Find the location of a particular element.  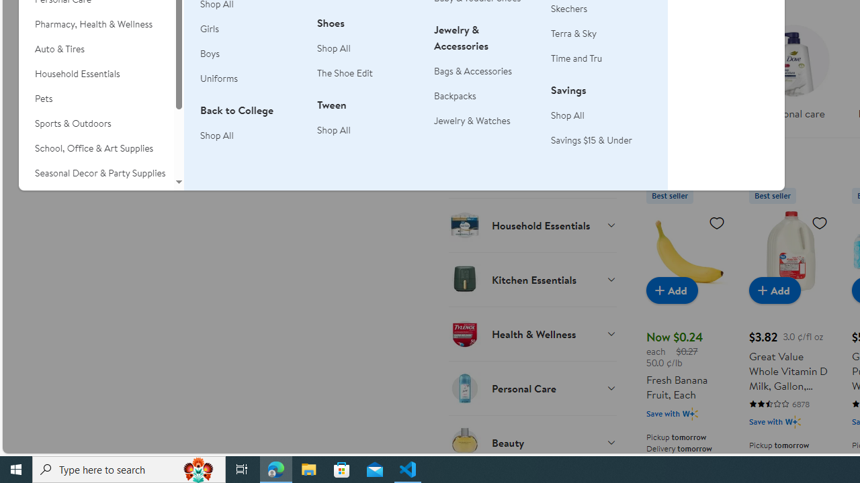

'Jewelry & Watches' is located at coordinates (472, 121).